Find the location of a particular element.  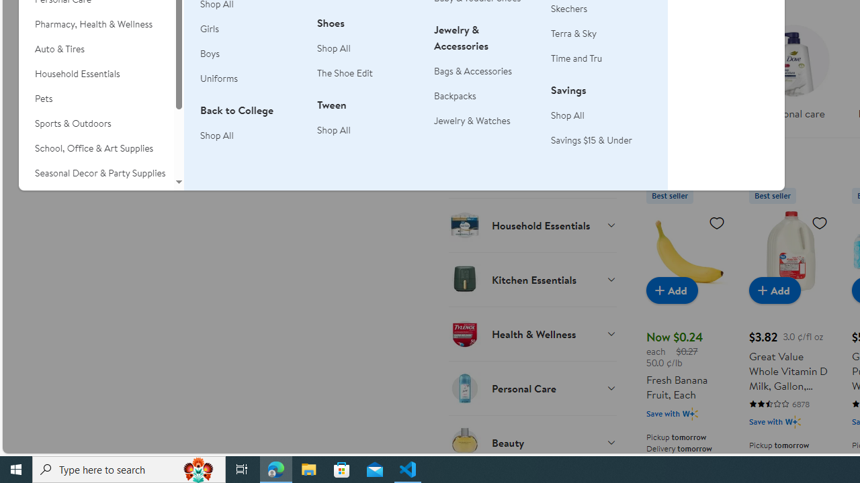

'Jewelry & Watches' is located at coordinates (472, 121).